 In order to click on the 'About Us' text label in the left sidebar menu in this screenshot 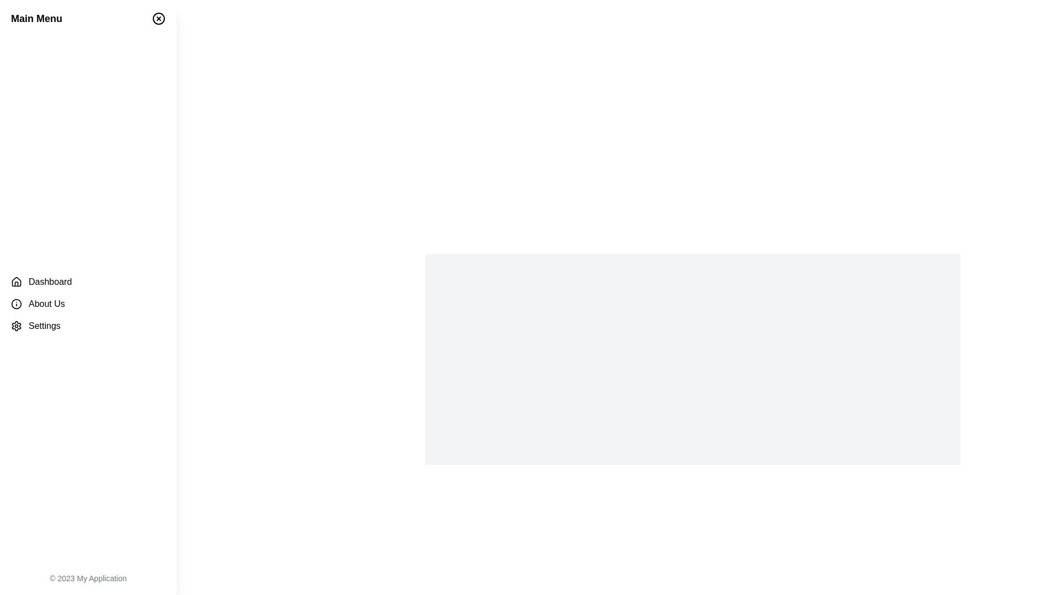, I will do `click(46, 304)`.